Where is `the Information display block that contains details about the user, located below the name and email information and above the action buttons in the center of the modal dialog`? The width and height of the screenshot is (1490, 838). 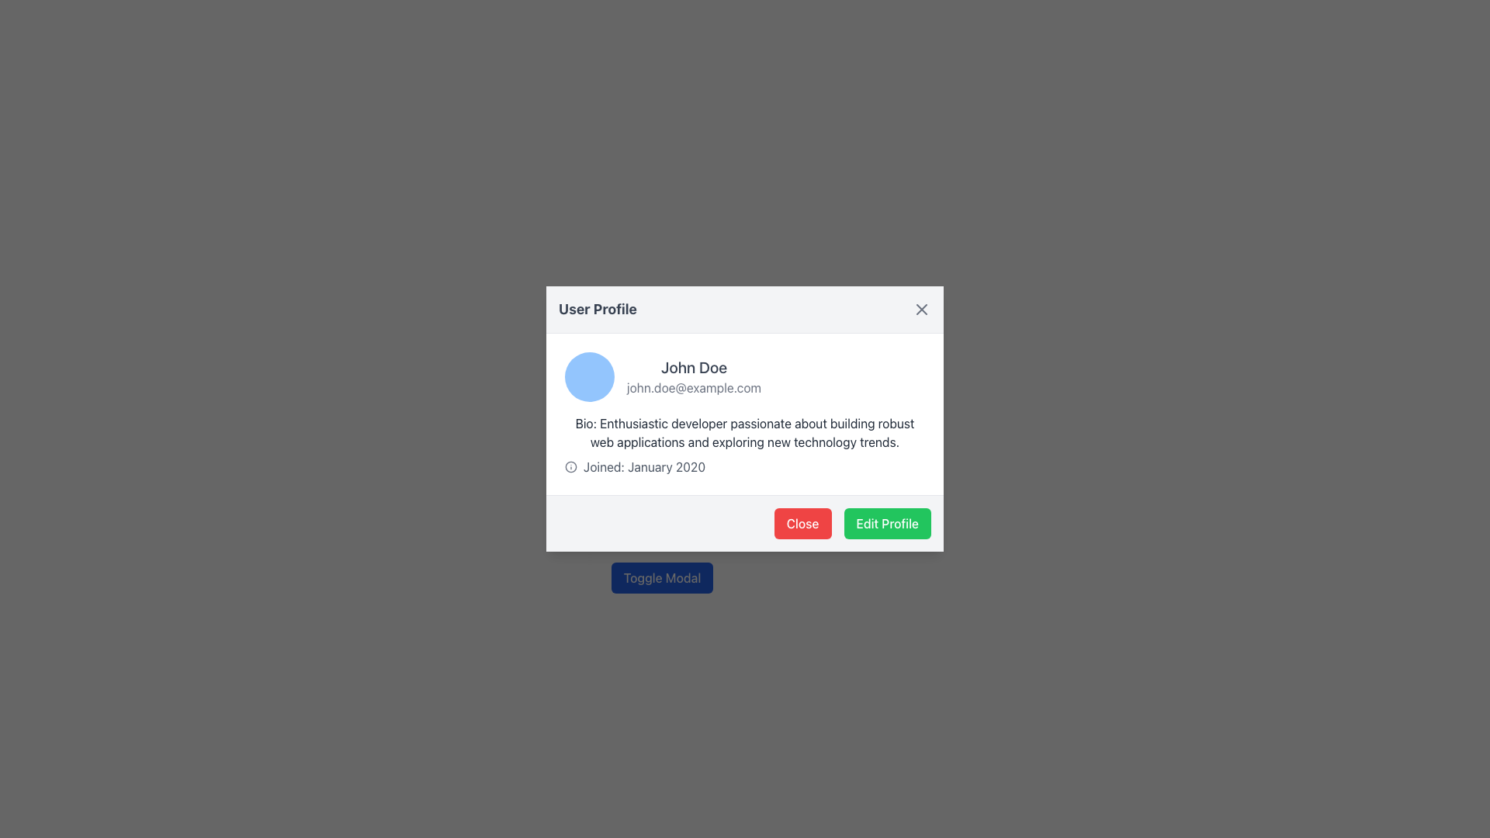
the Information display block that contains details about the user, located below the name and email information and above the action buttons in the center of the modal dialog is located at coordinates (745, 445).